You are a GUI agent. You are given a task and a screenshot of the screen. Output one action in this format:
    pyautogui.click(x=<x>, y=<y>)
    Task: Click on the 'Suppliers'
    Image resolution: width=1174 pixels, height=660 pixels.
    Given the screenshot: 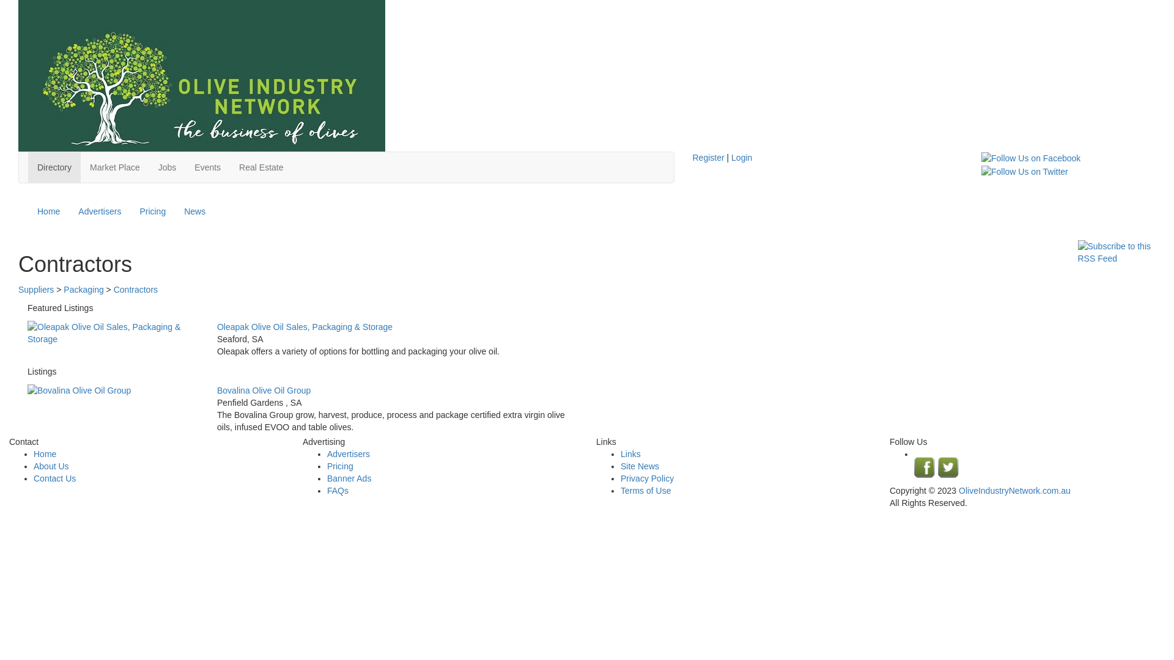 What is the action you would take?
    pyautogui.click(x=18, y=290)
    